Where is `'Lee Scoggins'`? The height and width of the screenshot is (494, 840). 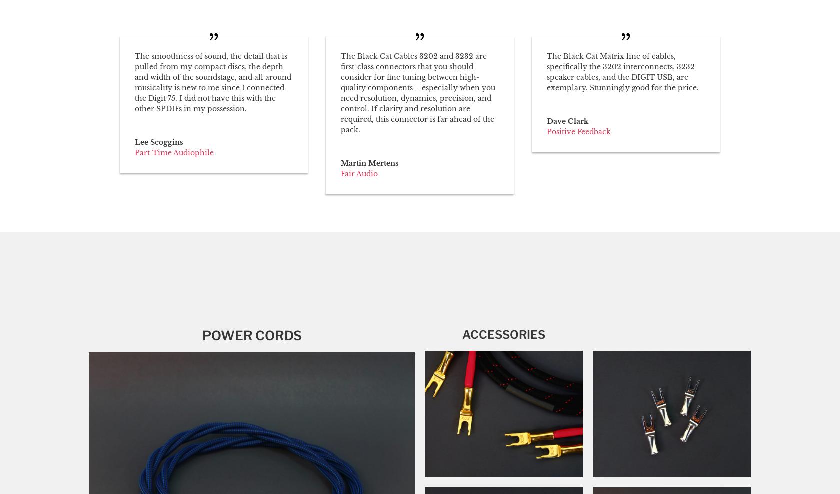
'Lee Scoggins' is located at coordinates (159, 142).